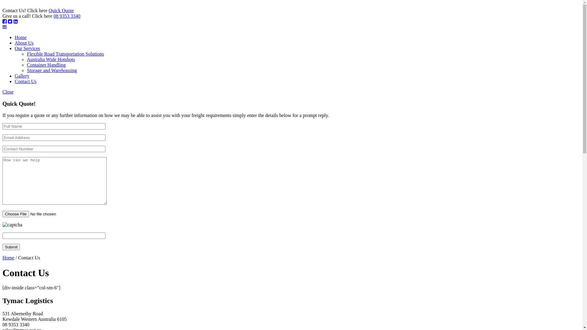  What do you see at coordinates (24, 42) in the screenshot?
I see `'About Us'` at bounding box center [24, 42].